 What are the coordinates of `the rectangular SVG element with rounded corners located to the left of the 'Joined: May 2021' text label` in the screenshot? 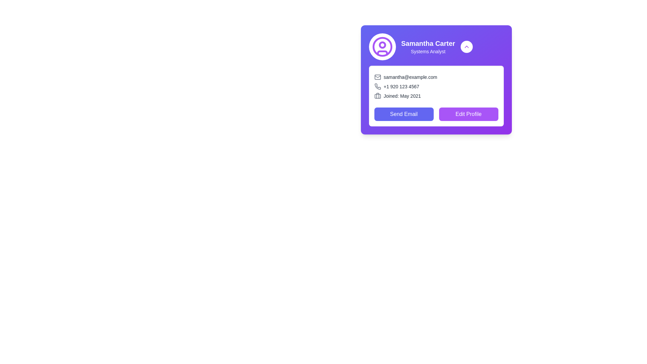 It's located at (377, 96).